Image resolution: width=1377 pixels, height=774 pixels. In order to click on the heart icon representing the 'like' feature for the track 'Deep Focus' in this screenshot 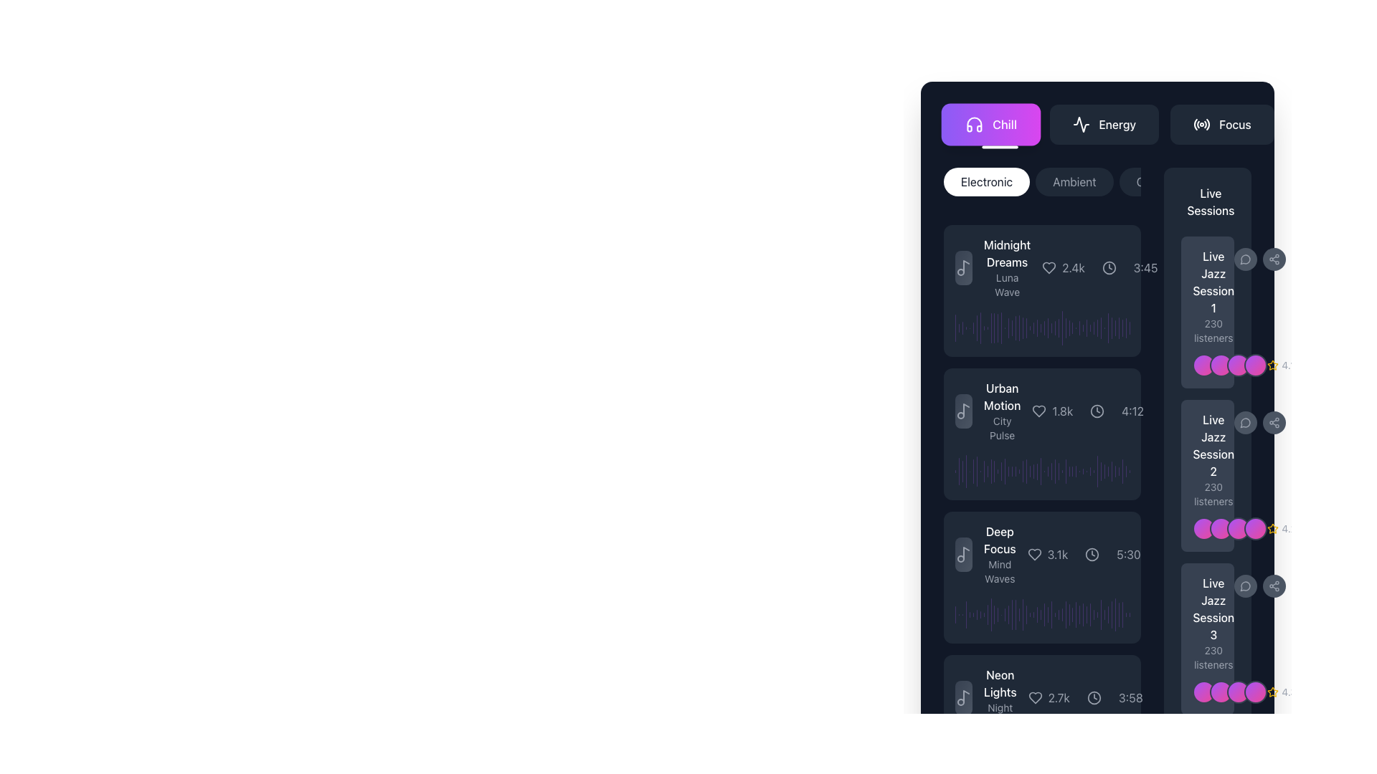, I will do `click(1034, 554)`.